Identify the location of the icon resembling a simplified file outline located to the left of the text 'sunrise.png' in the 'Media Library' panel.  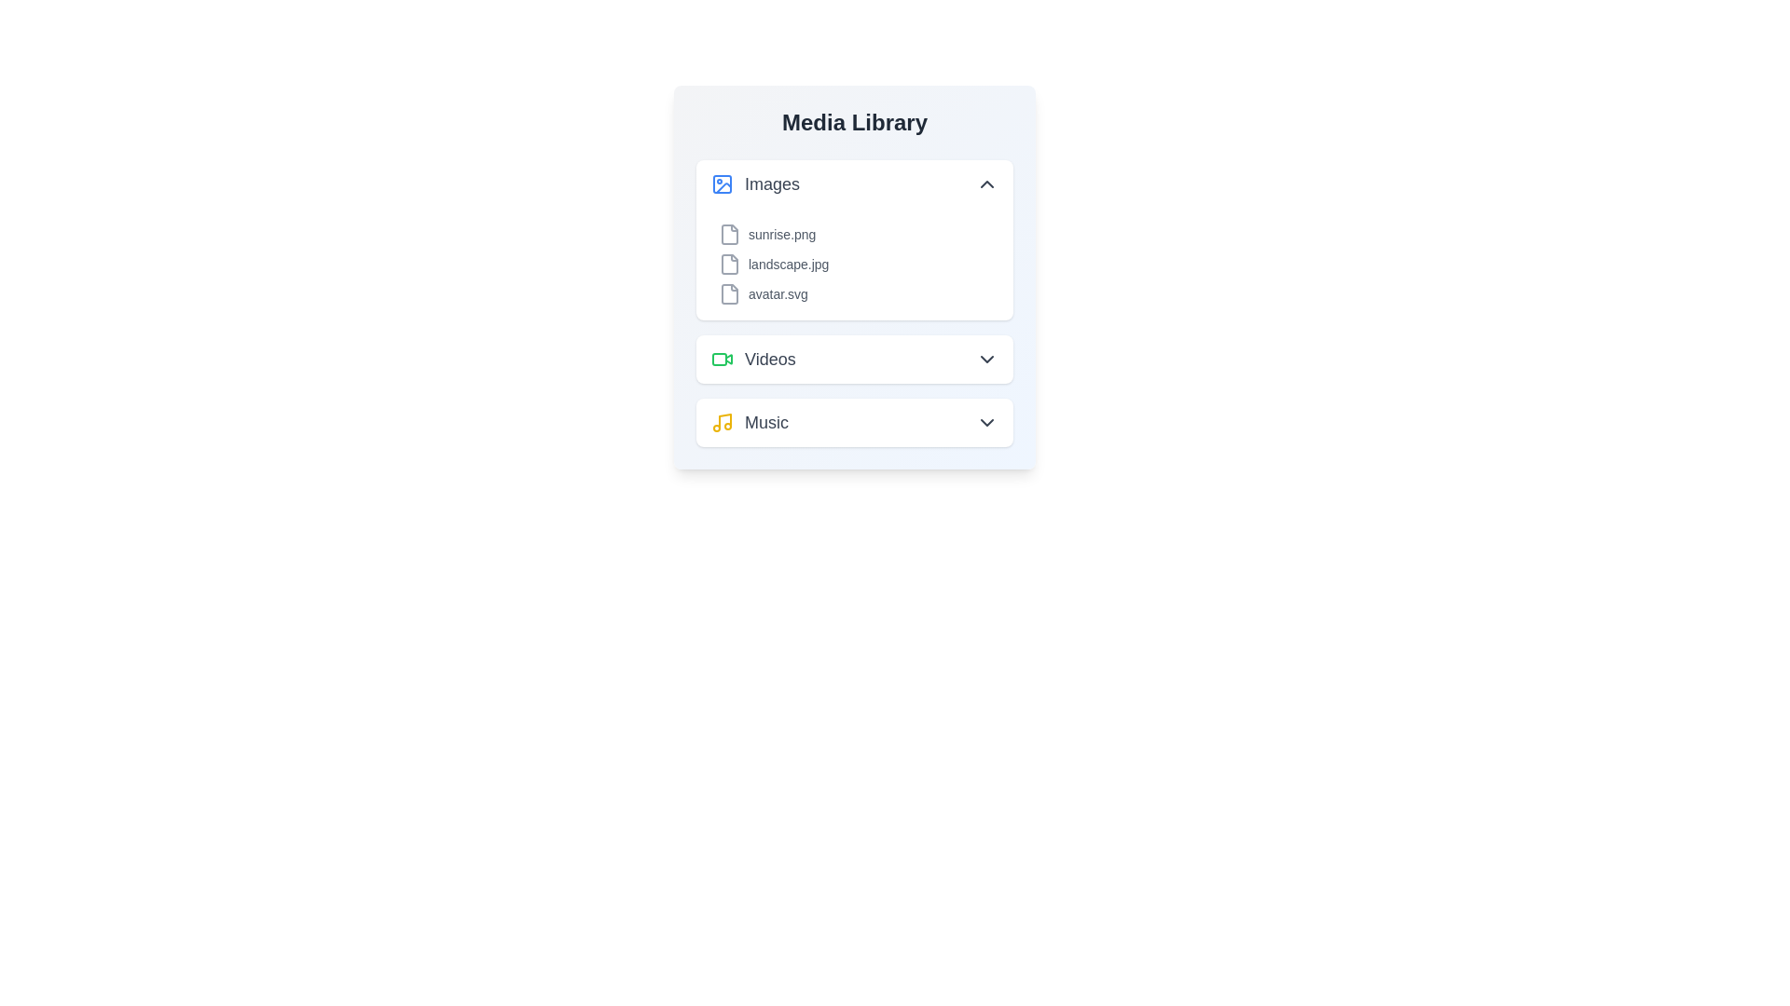
(728, 233).